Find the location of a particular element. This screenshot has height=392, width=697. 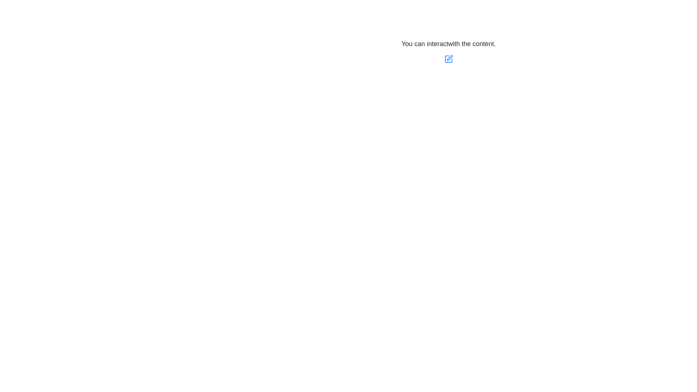

the blue stroke-based square icon with rounded corners located in the top-right quadrant of the application is located at coordinates (448, 58).